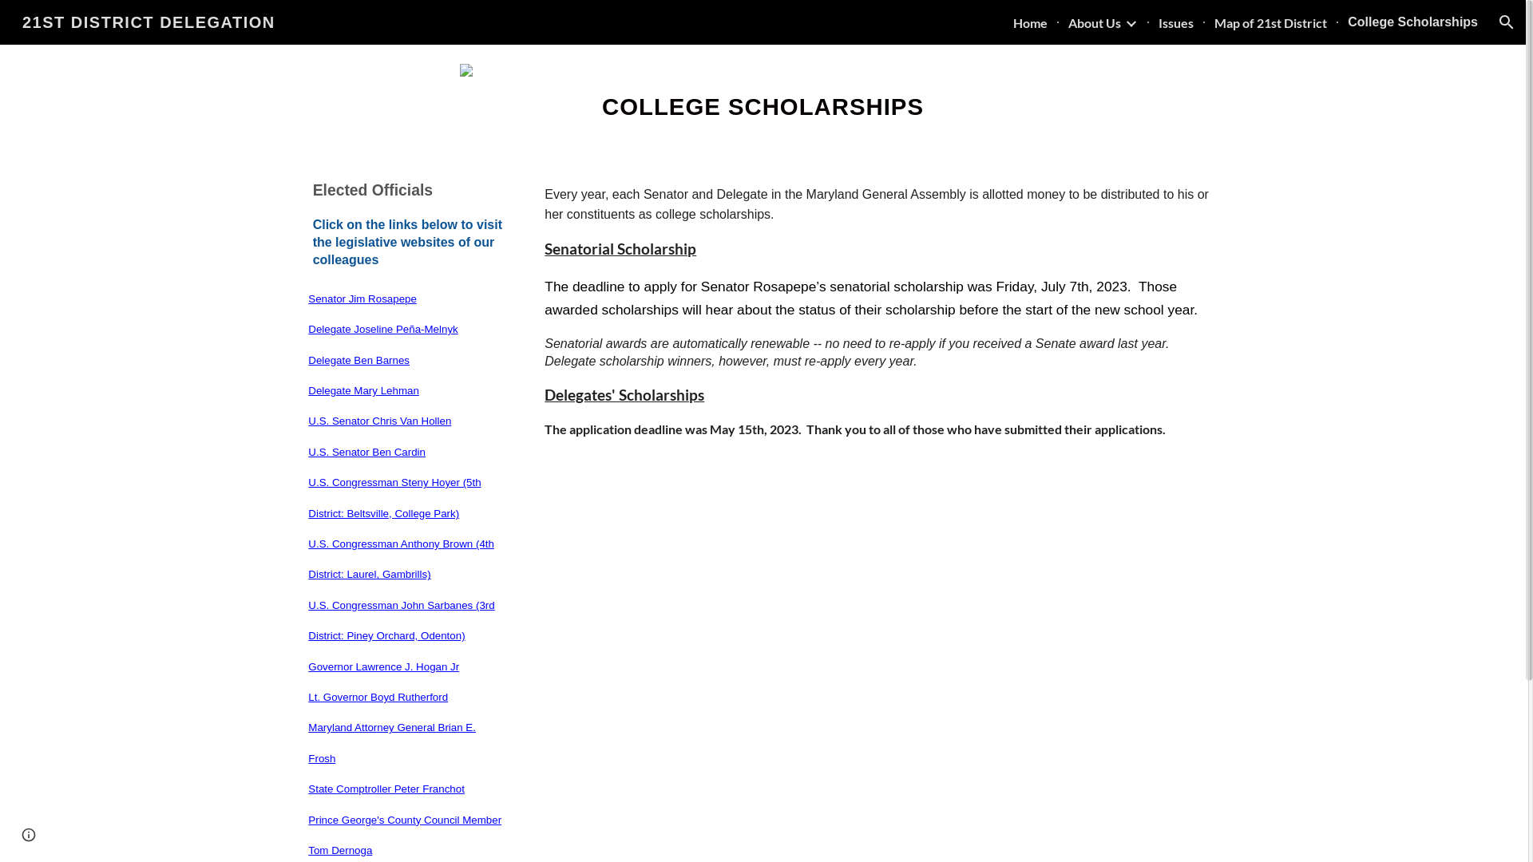 The height and width of the screenshot is (862, 1533). What do you see at coordinates (307, 389) in the screenshot?
I see `'Delegate Mary Lehman'` at bounding box center [307, 389].